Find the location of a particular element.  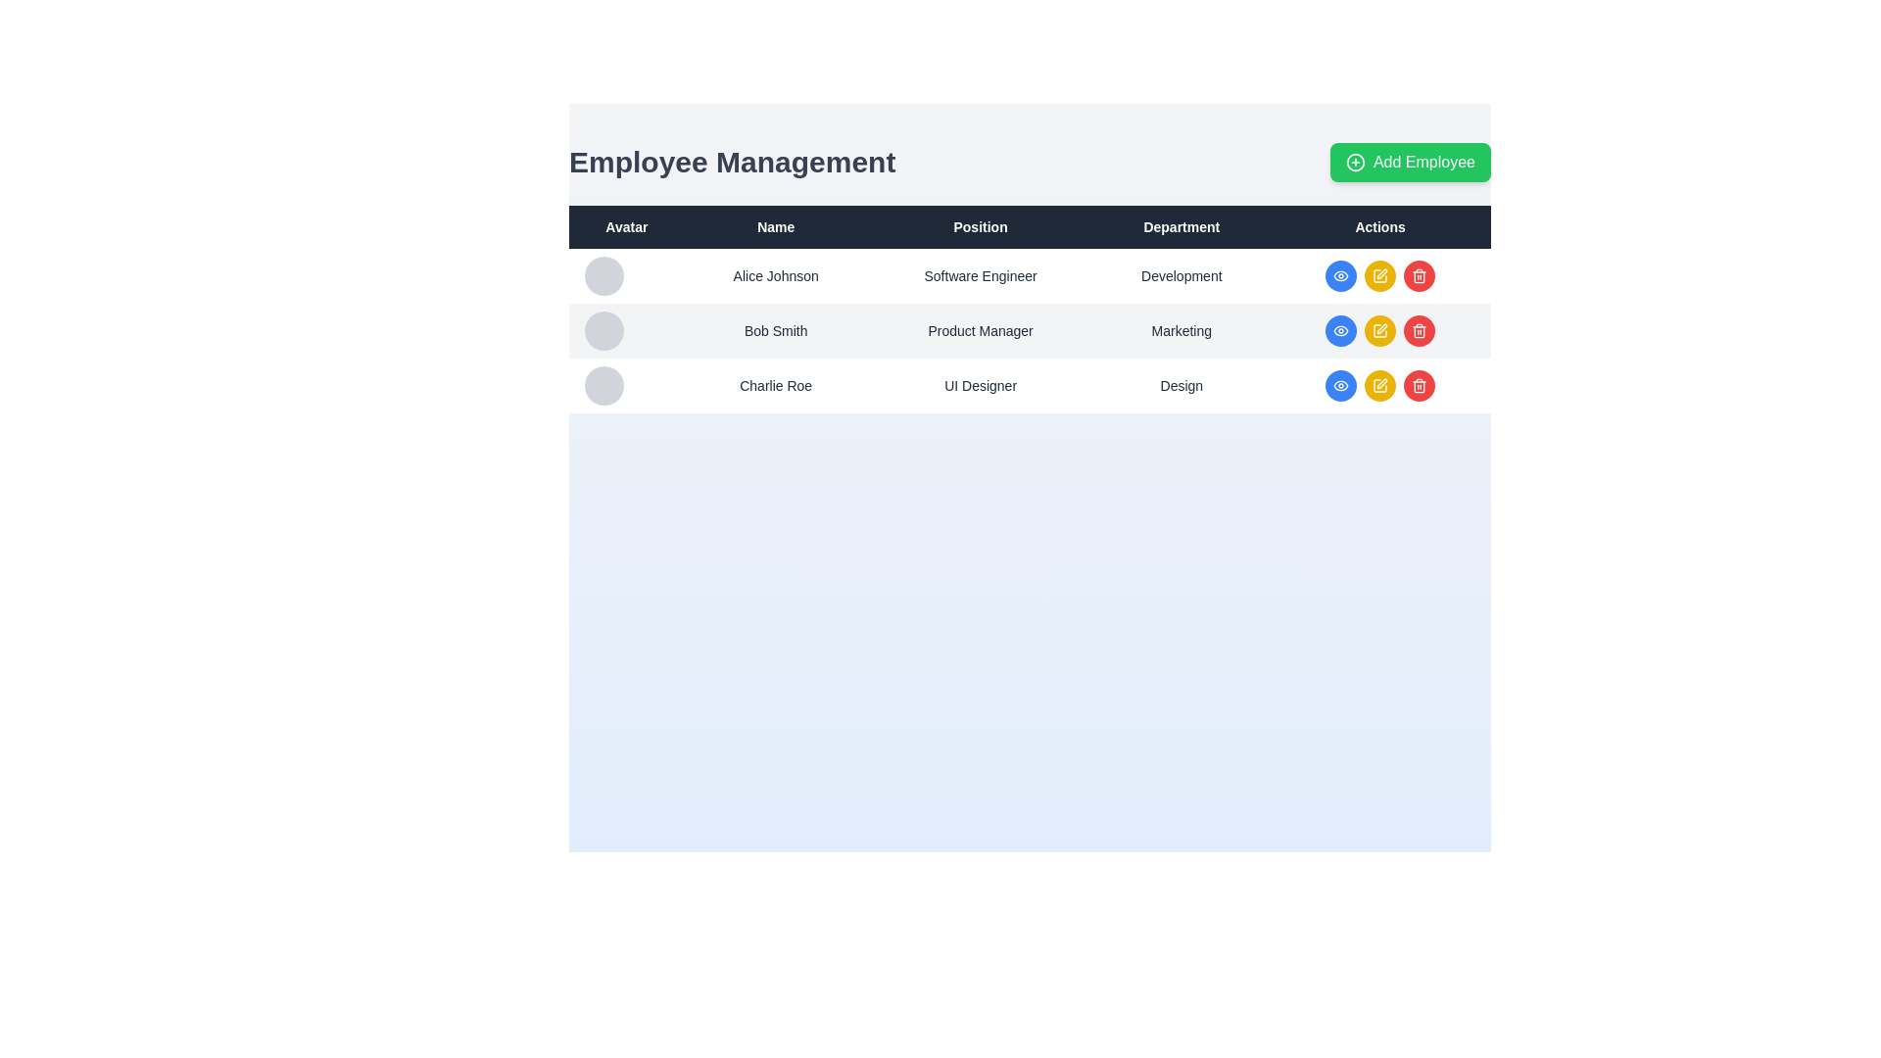

the trash bin button with a red background located in the last column under the 'Actions' header in the row for user 'Charlie Roe' to possibly display a tooltip is located at coordinates (1420, 330).